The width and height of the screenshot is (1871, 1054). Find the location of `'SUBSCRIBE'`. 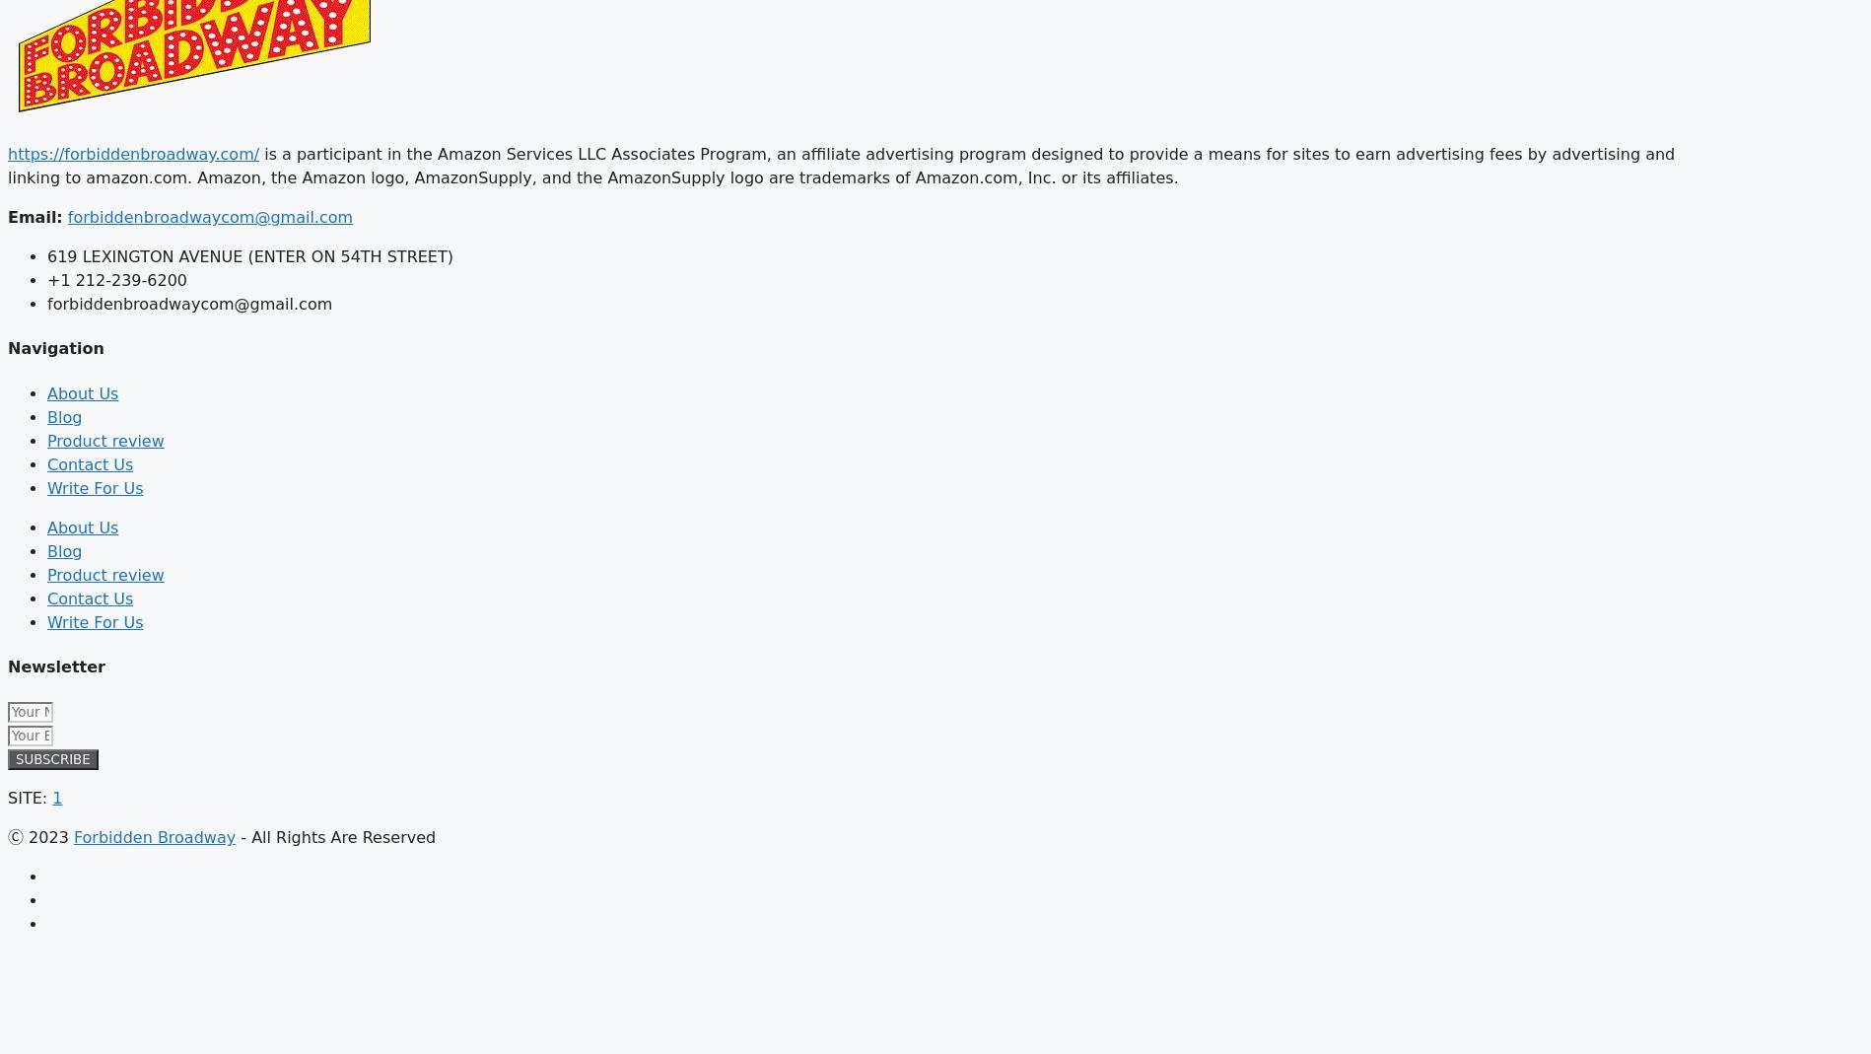

'SUBSCRIBE' is located at coordinates (52, 759).